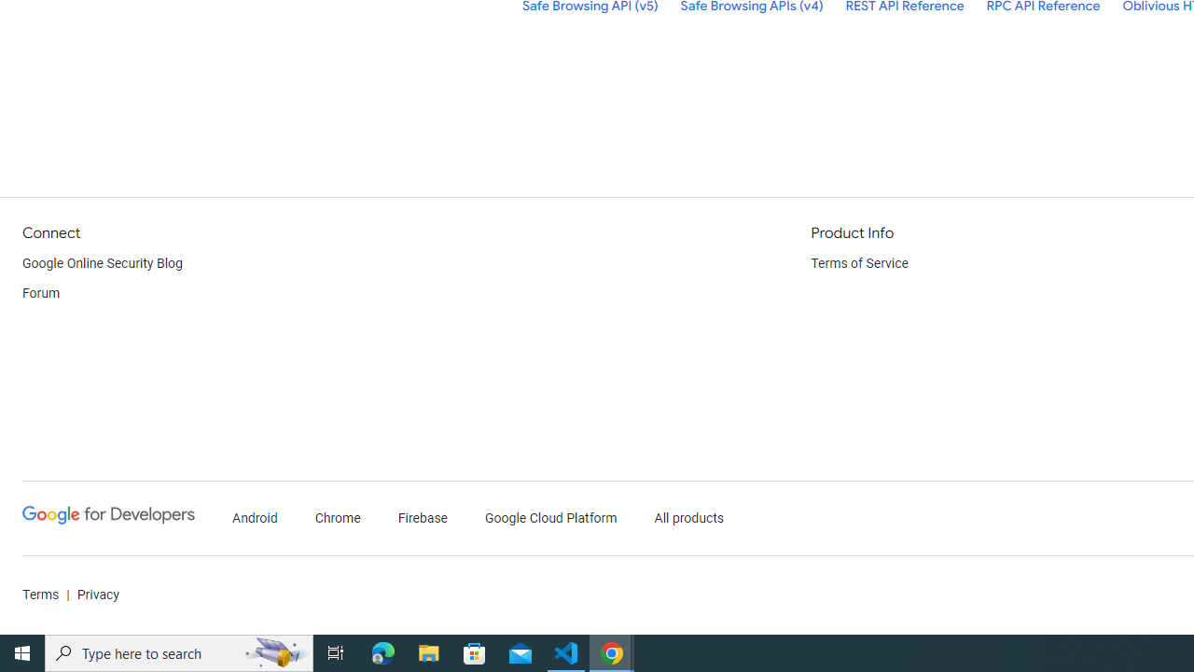 This screenshot has height=672, width=1194. What do you see at coordinates (422, 518) in the screenshot?
I see `'Firebase'` at bounding box center [422, 518].